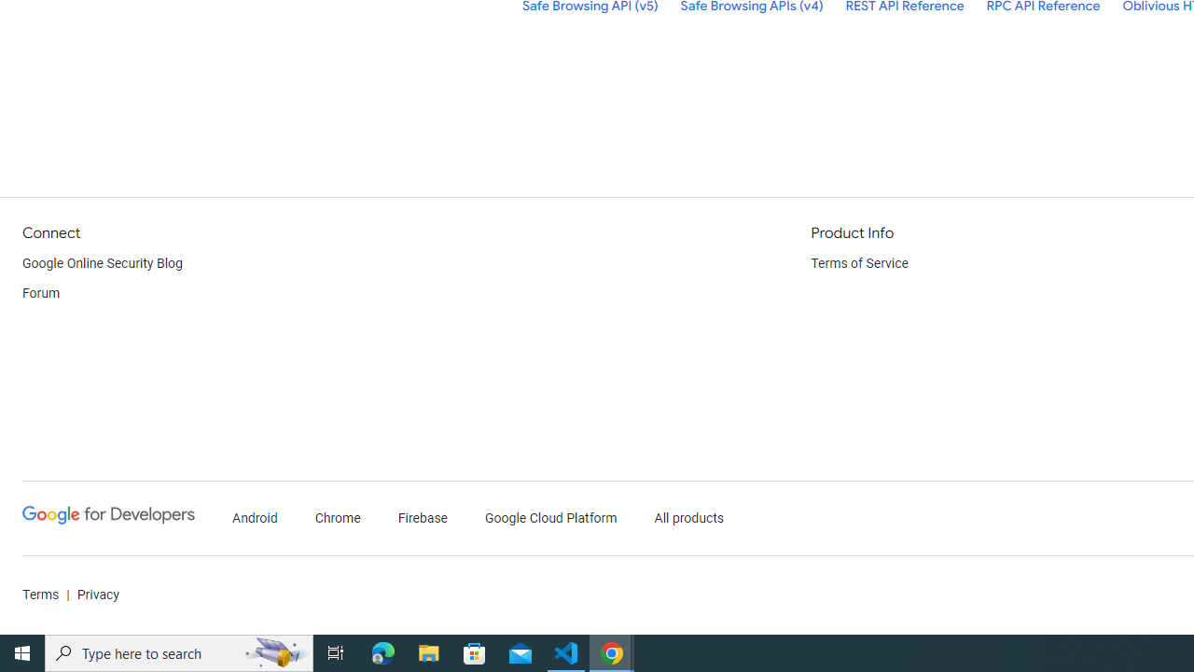 This screenshot has height=672, width=1194. What do you see at coordinates (422, 518) in the screenshot?
I see `'Firebase'` at bounding box center [422, 518].